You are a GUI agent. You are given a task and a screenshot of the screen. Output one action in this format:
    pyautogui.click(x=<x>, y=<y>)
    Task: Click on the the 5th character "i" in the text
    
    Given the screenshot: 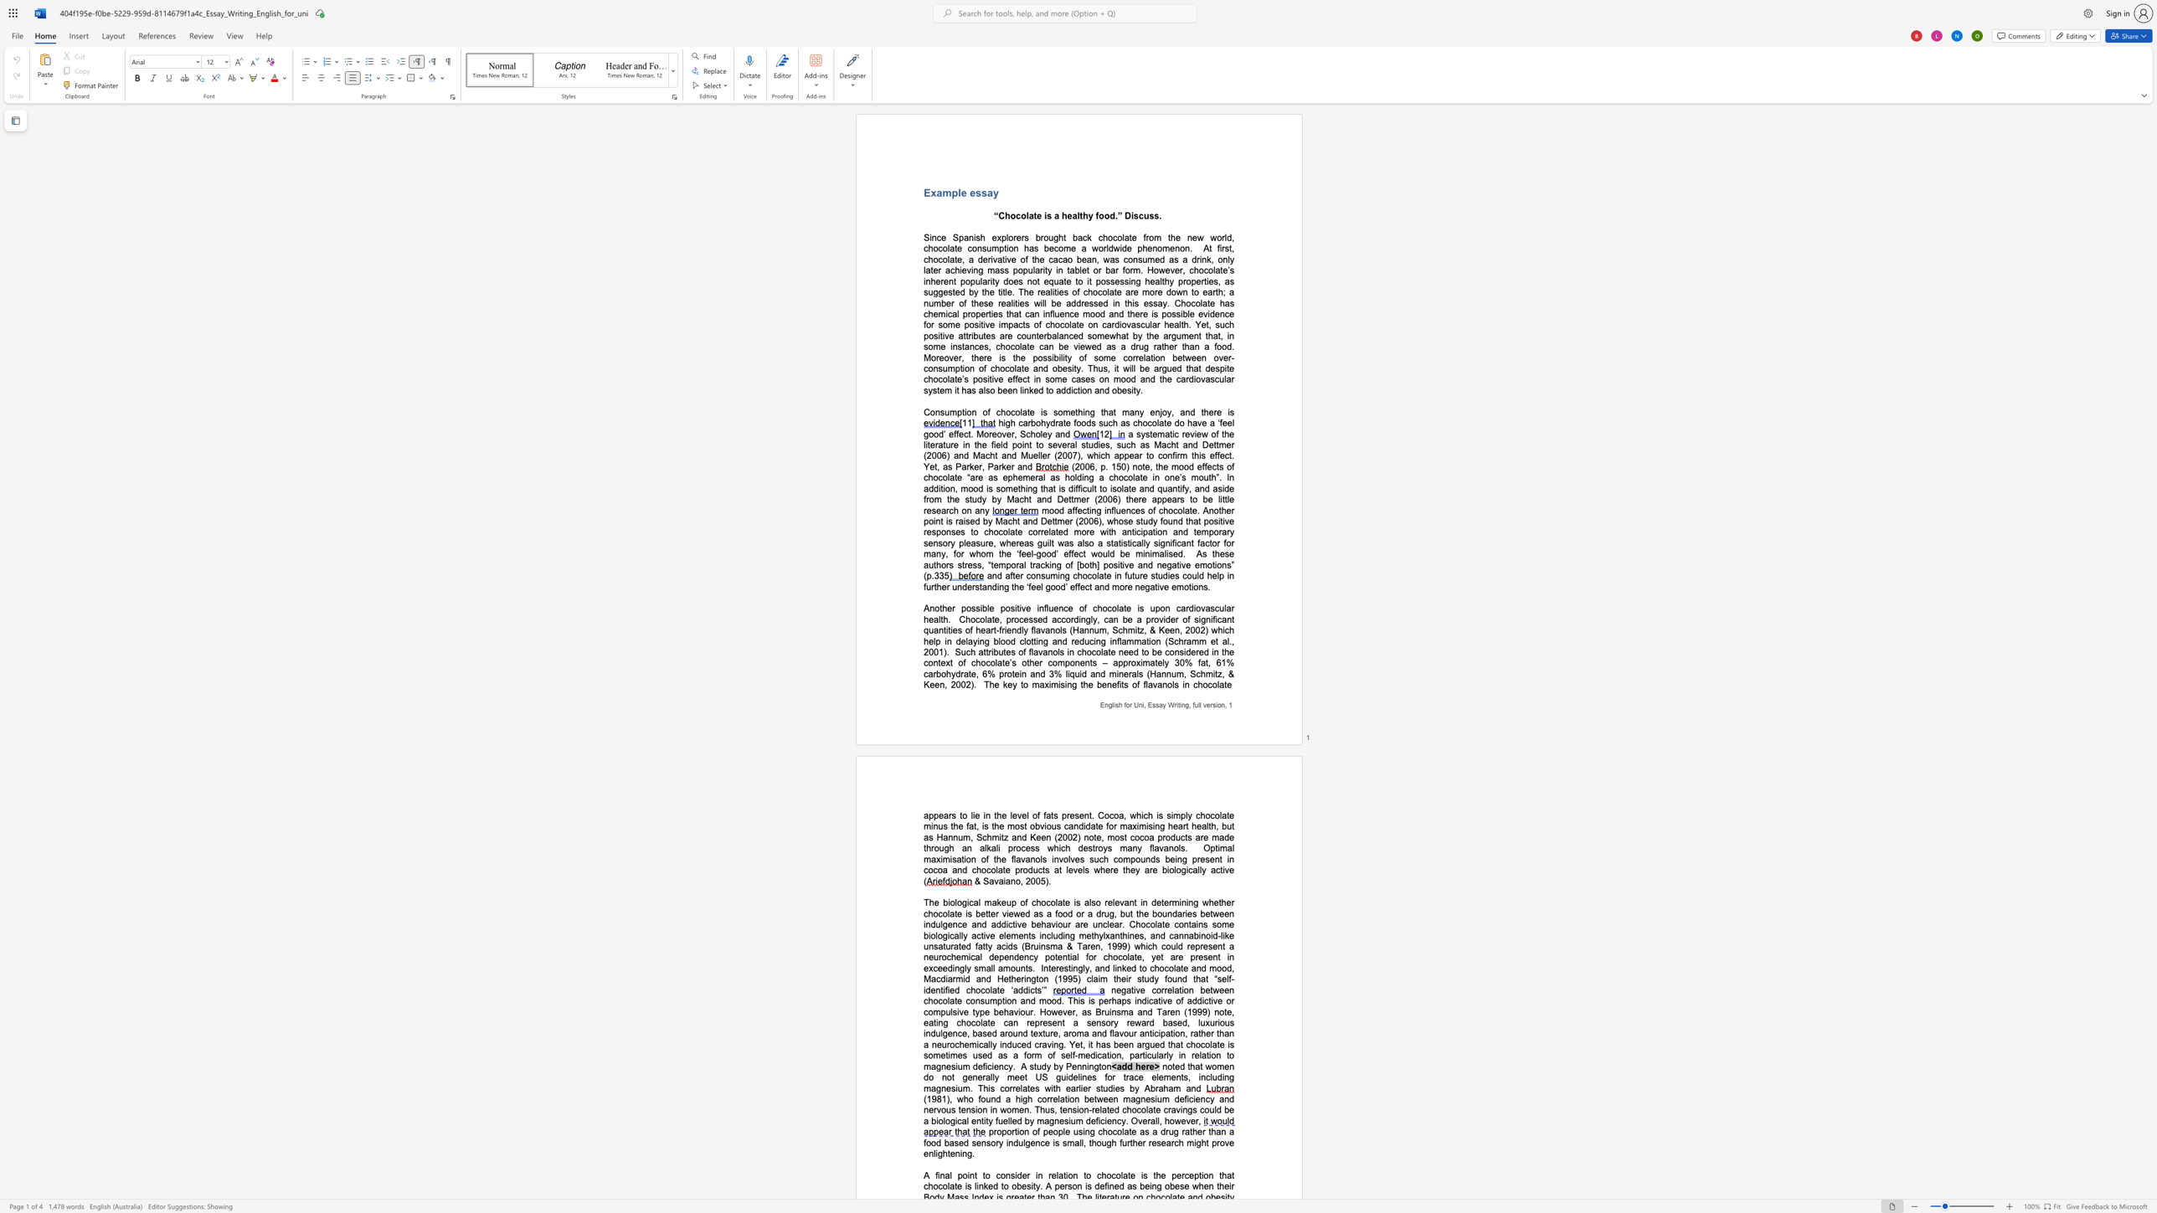 What is the action you would take?
    pyautogui.click(x=1132, y=390)
    